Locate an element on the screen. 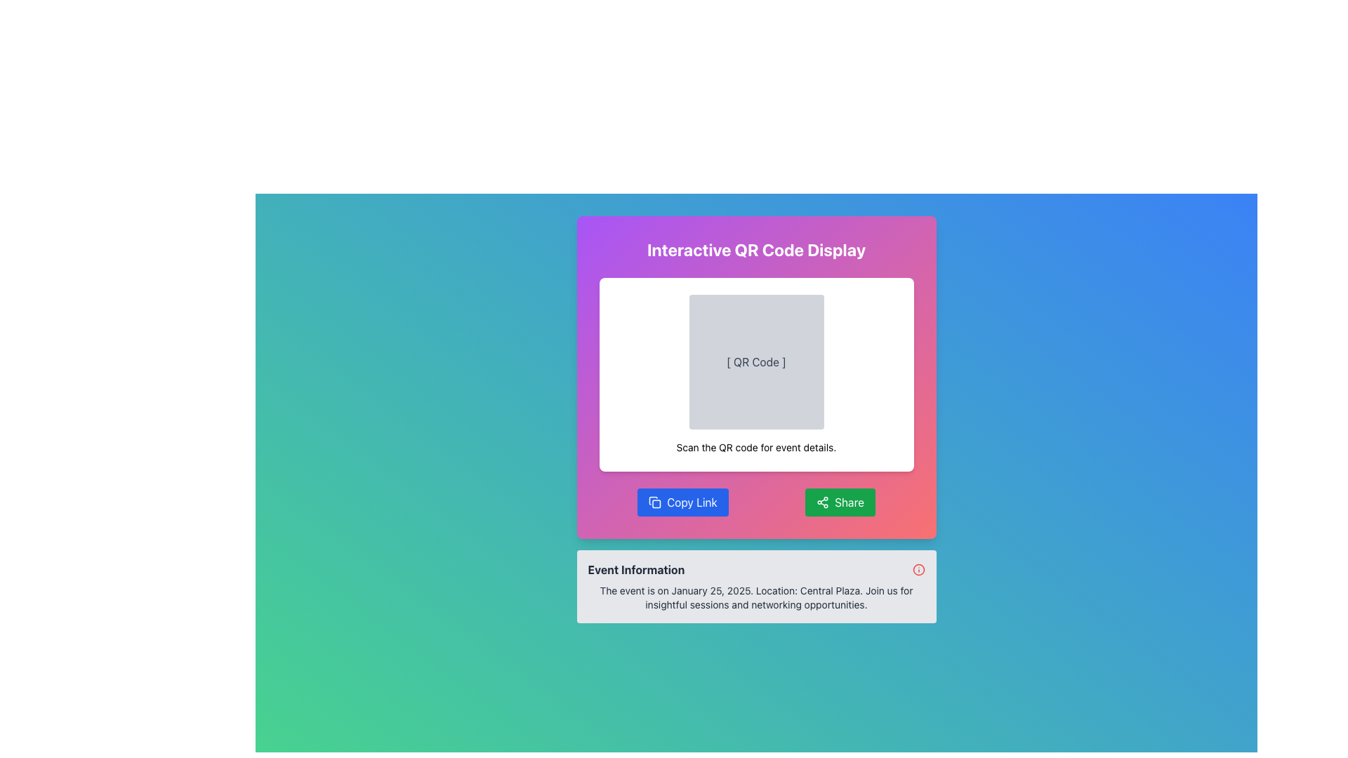  the 'Share' button located in the Button Group below the QR code in the 'Interactive QR Code Display' to share the link is located at coordinates (755, 502).